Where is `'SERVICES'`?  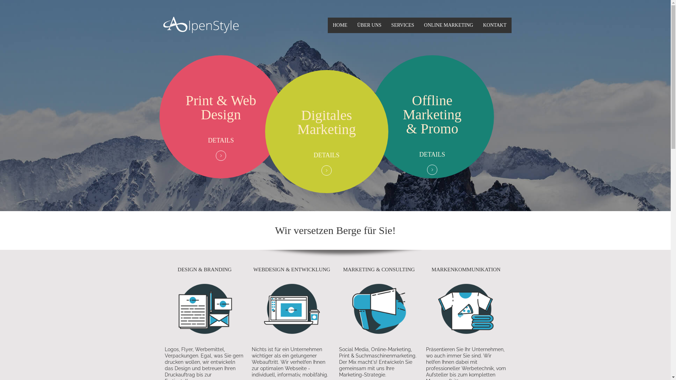
'SERVICES' is located at coordinates (402, 25).